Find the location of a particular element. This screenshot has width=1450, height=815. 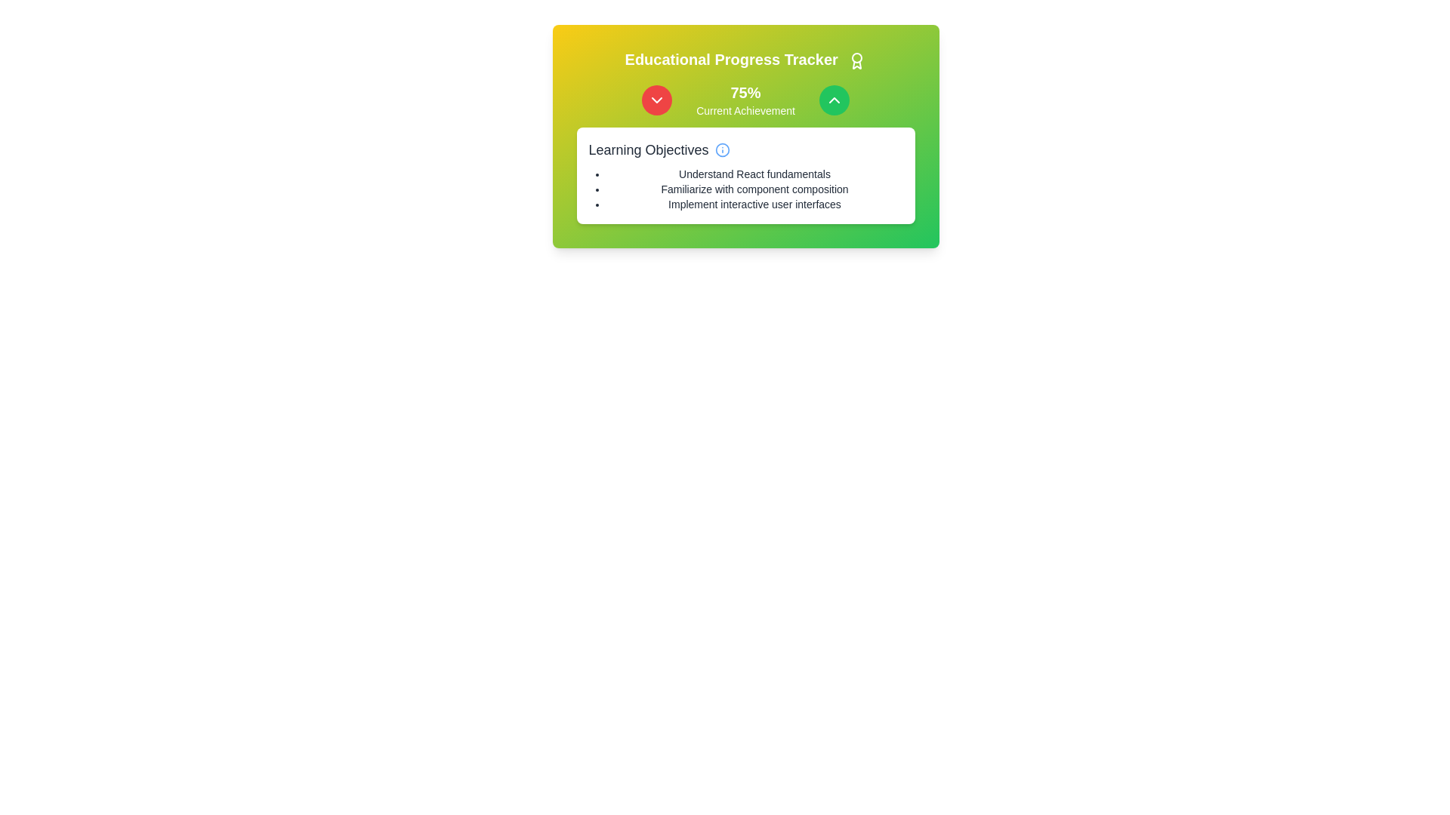

the award badge graphical icon located at the top-right corner of the 'Educational Progress Tracker' section is located at coordinates (857, 60).